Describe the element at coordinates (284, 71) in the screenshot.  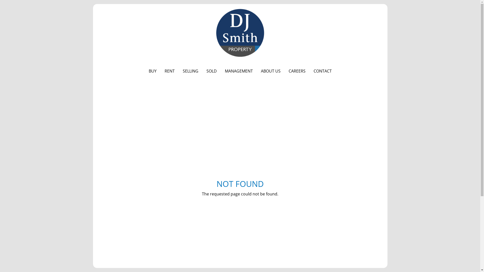
I see `'CAREERS'` at that location.